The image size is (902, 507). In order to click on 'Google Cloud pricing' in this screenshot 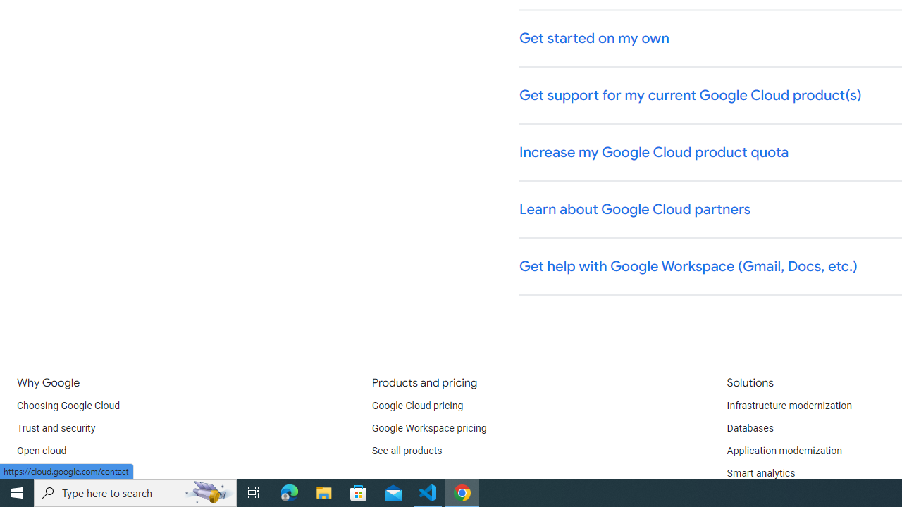, I will do `click(416, 406)`.